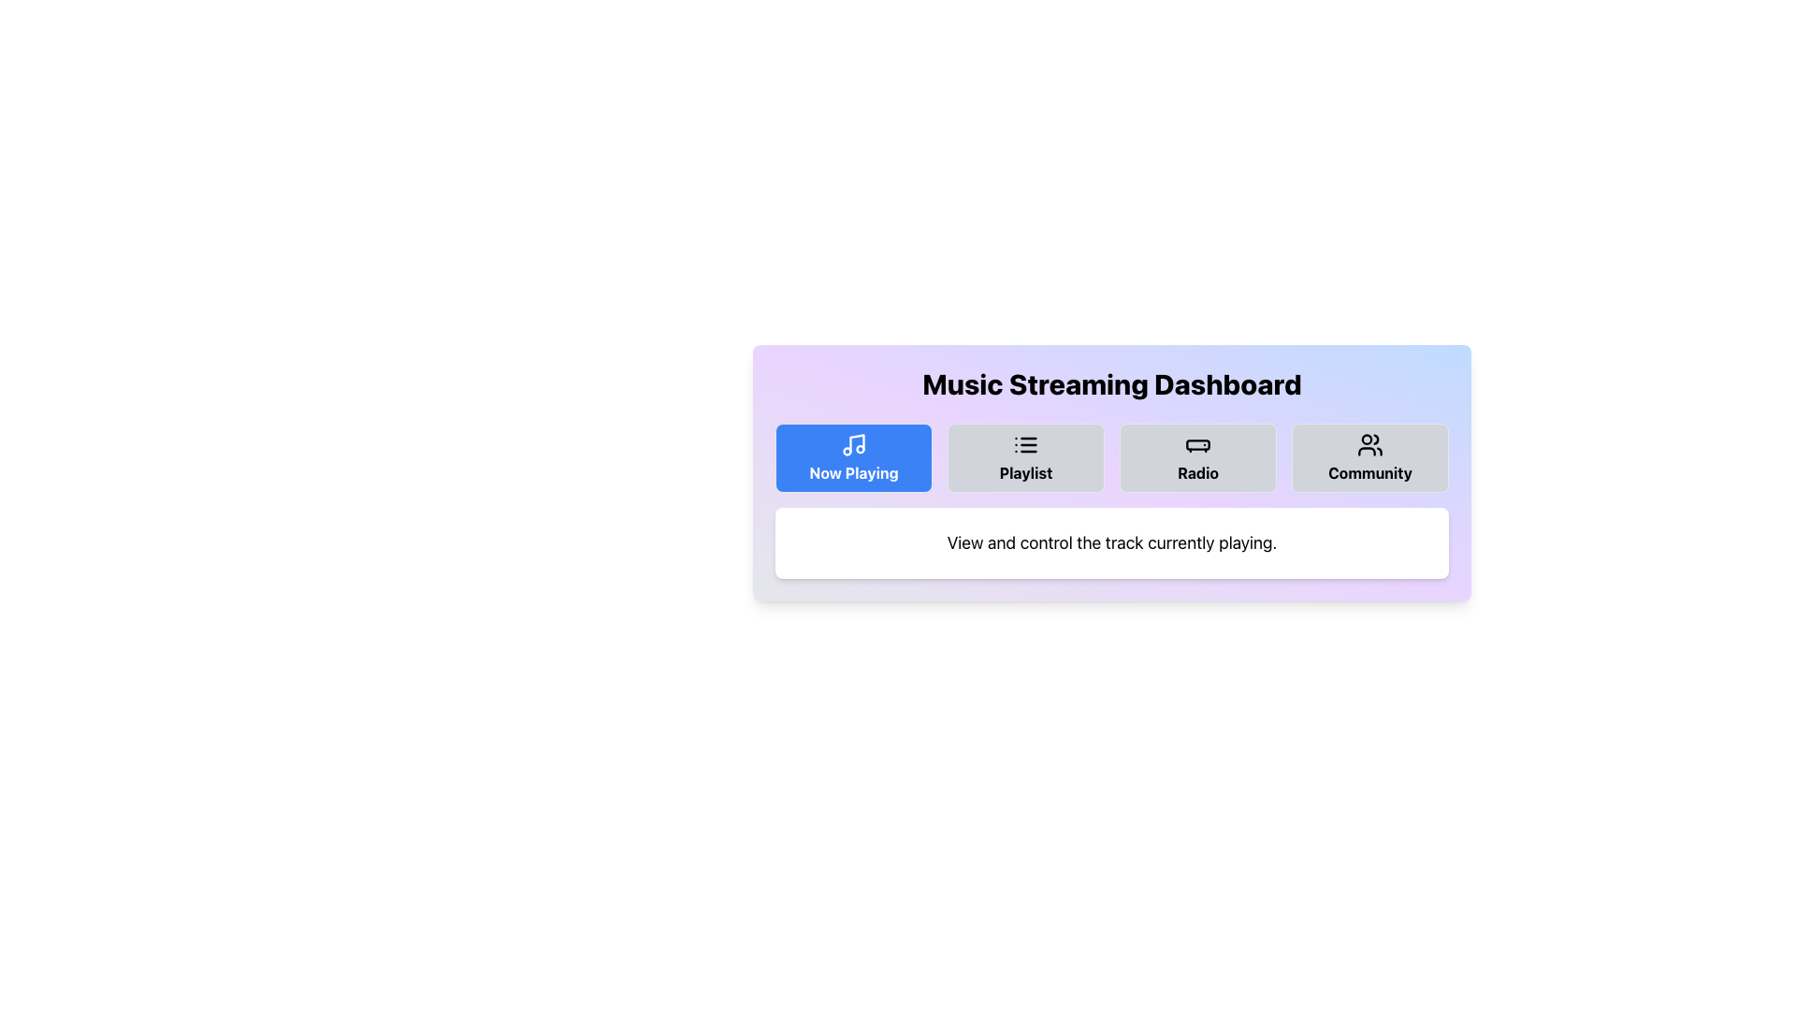  What do you see at coordinates (1198, 457) in the screenshot?
I see `the 'Radio' button, which is a rectangular button with rounded corners, grey background, and black text, located in the third position of a horizontal row of buttons` at bounding box center [1198, 457].